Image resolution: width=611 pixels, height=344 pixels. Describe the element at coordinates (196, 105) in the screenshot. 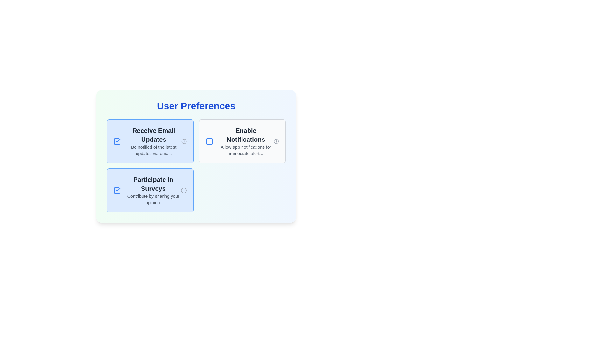

I see `the 'User Preferences' title text label` at that location.